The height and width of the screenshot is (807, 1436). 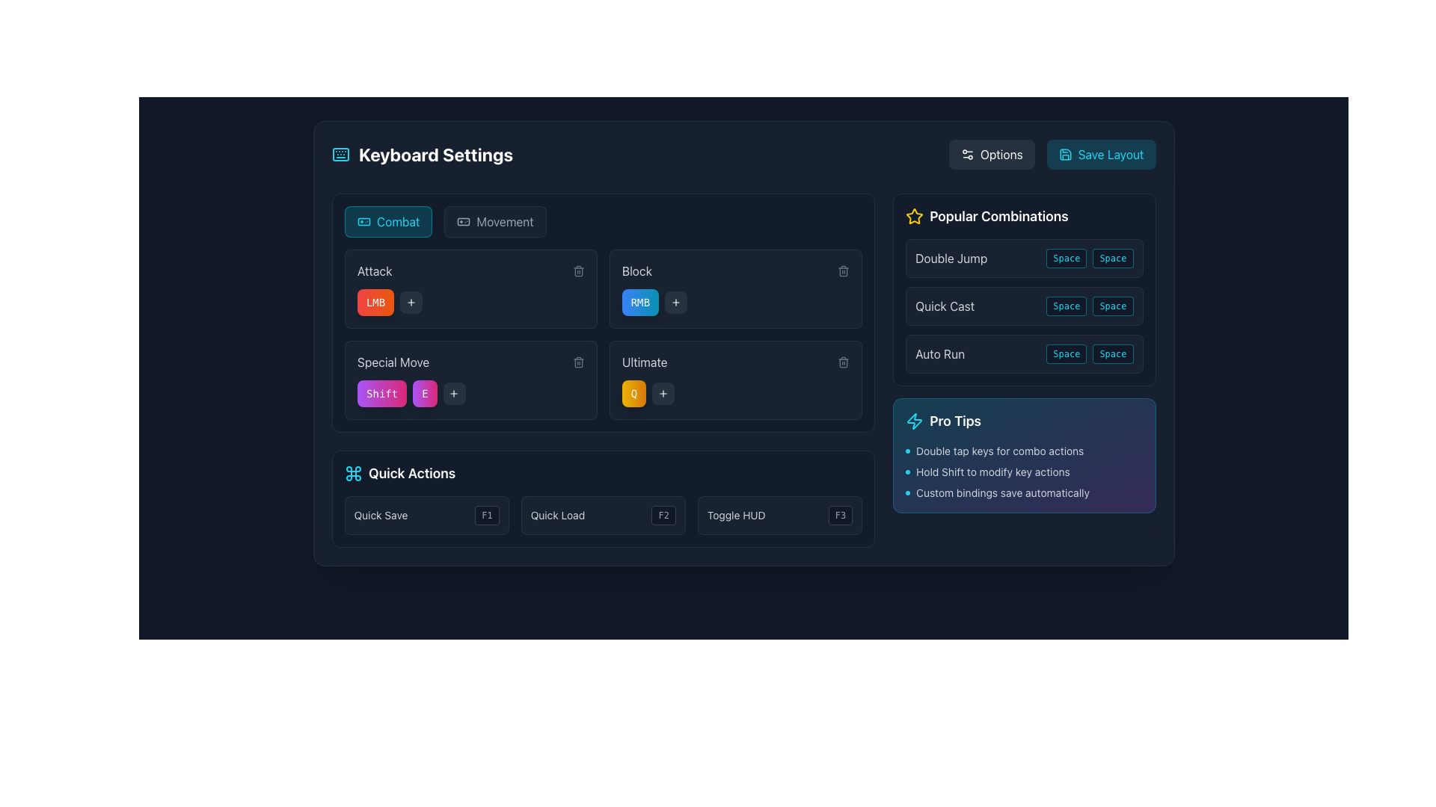 What do you see at coordinates (663, 393) in the screenshot?
I see `the square button with a semi-transparent dark gray background and a '+' symbol in its center, located to the immediate right of the yellow 'Q' button in the 'Ultimate' configuration section of the 'Keyboard Settings' panel` at bounding box center [663, 393].